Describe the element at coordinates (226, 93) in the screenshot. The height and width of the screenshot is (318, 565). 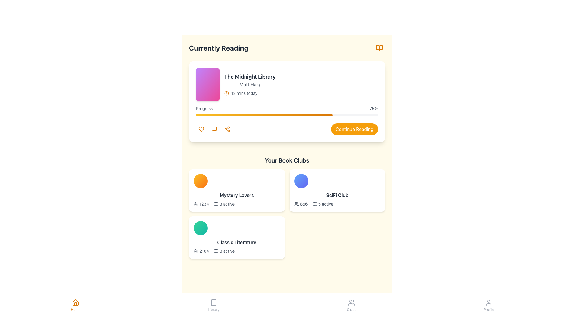
I see `the clock icon SVG element located to the left of the text '12 mins today' in the 'Currently Reading' section of the 'The Midnight Library' card` at that location.